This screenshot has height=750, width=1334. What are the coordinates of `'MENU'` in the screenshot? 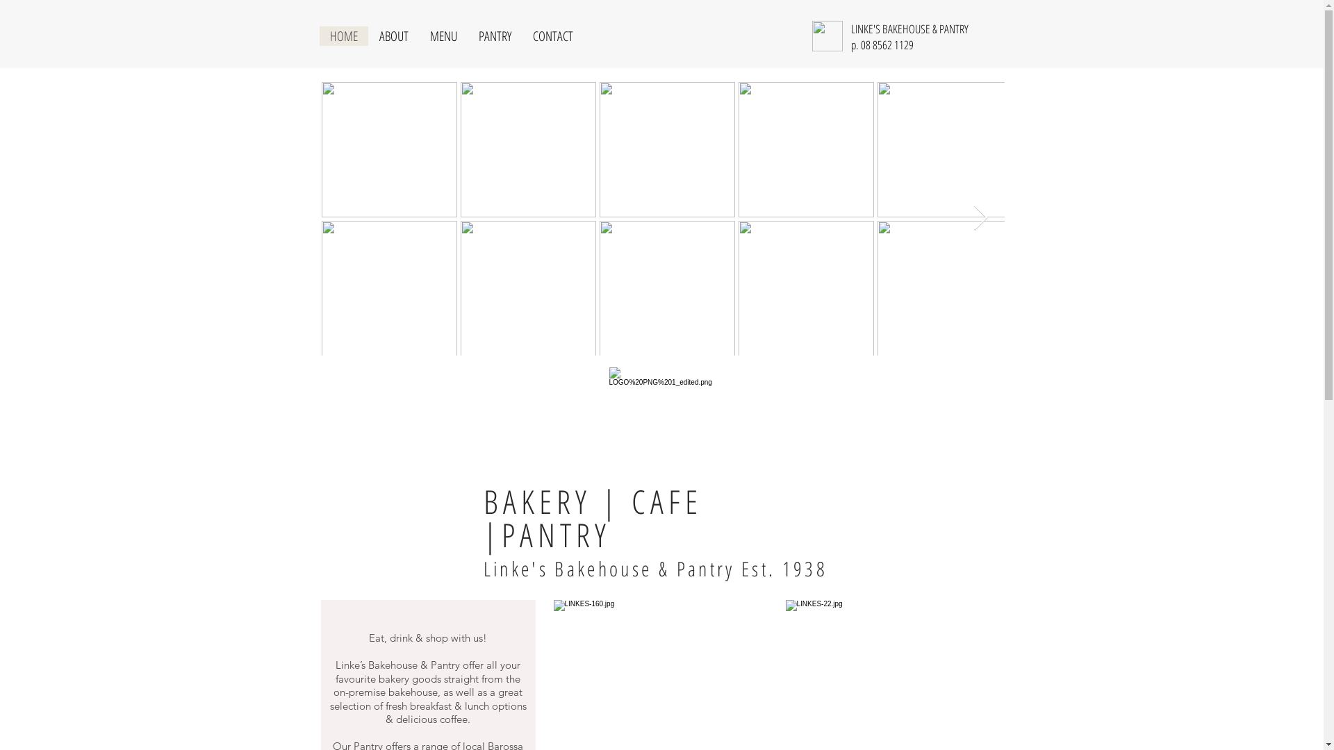 It's located at (442, 35).